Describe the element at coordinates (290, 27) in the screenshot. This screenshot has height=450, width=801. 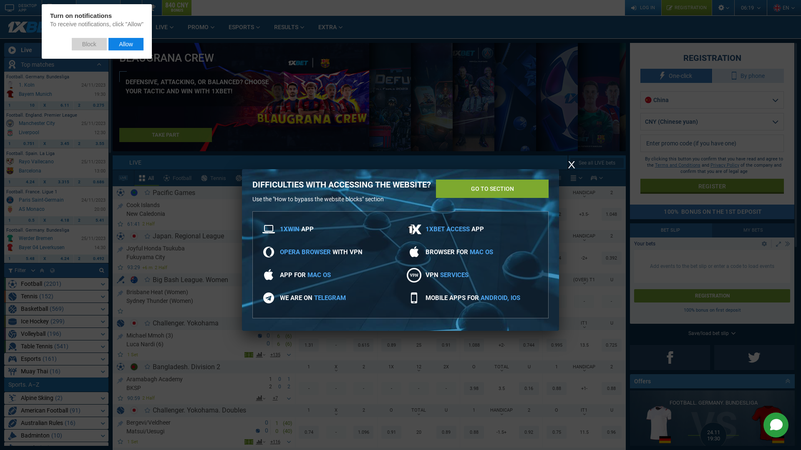
I see `'RESULTS'` at that location.